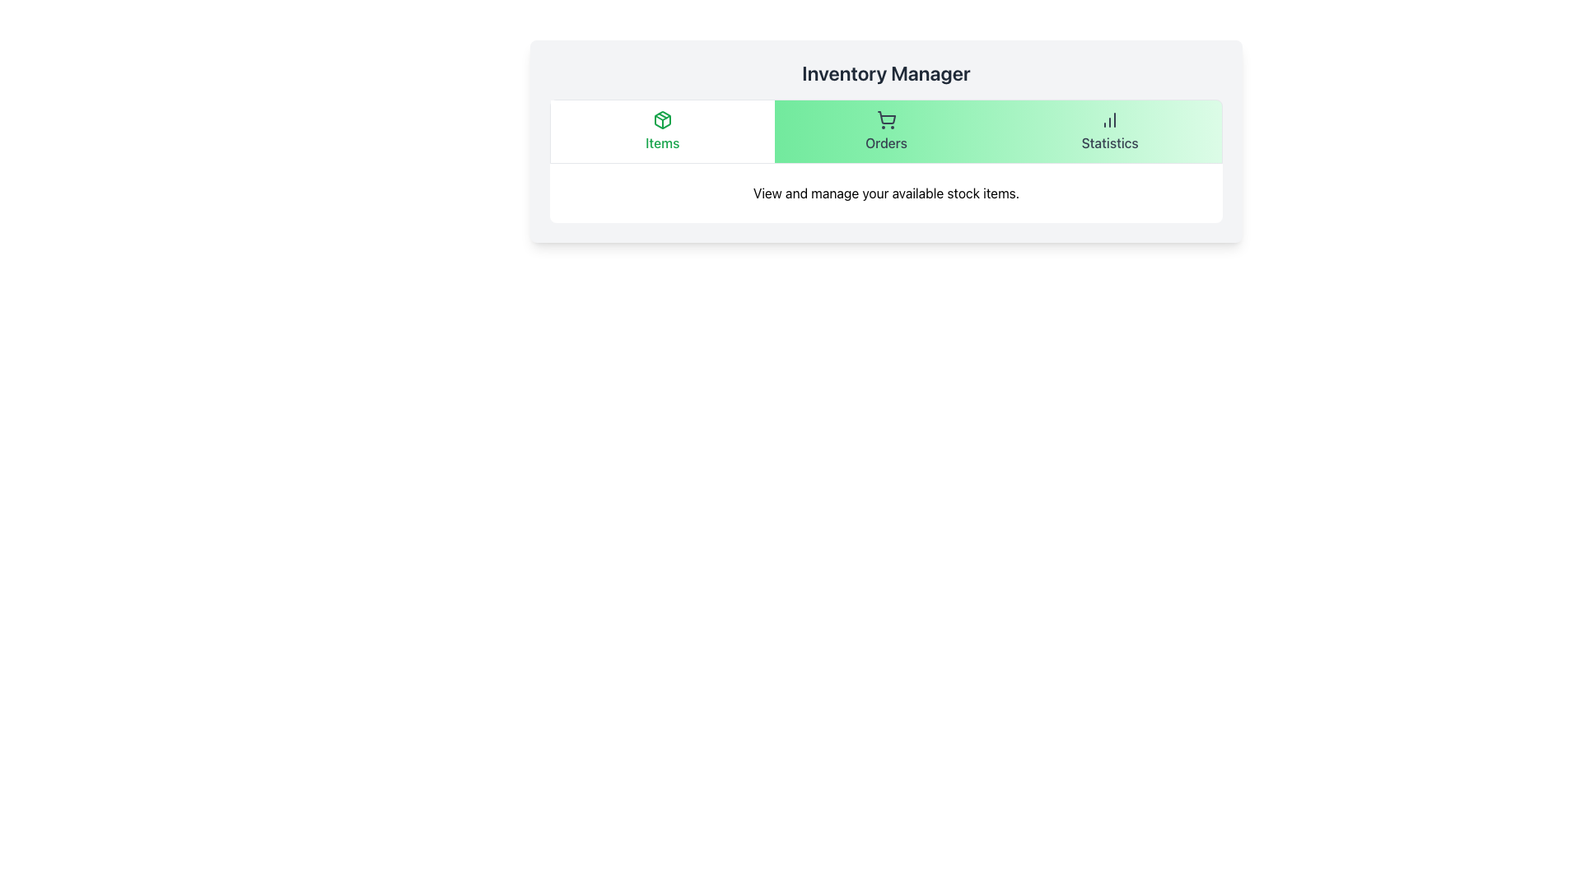 This screenshot has height=889, width=1581. Describe the element at coordinates (885, 141) in the screenshot. I see `the navigation bar sections of the inventory management interface header, which includes options like 'Items', 'Orders', and 'Statistics'` at that location.